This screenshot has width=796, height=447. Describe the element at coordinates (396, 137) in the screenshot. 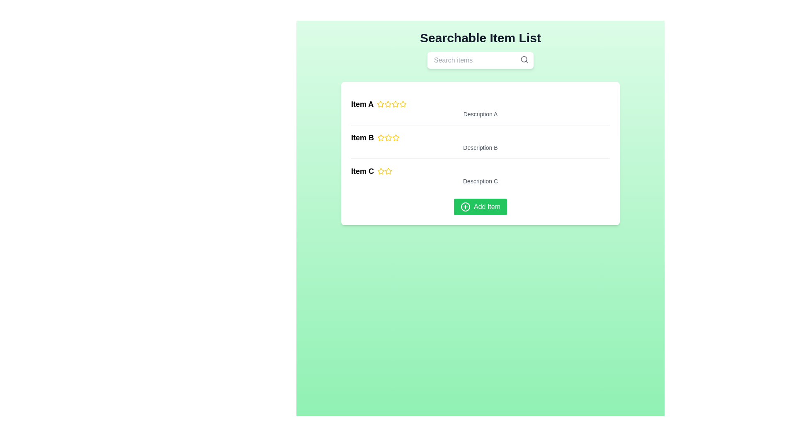

I see `the third star in the 5-star rating system to rate 'Item B'` at that location.